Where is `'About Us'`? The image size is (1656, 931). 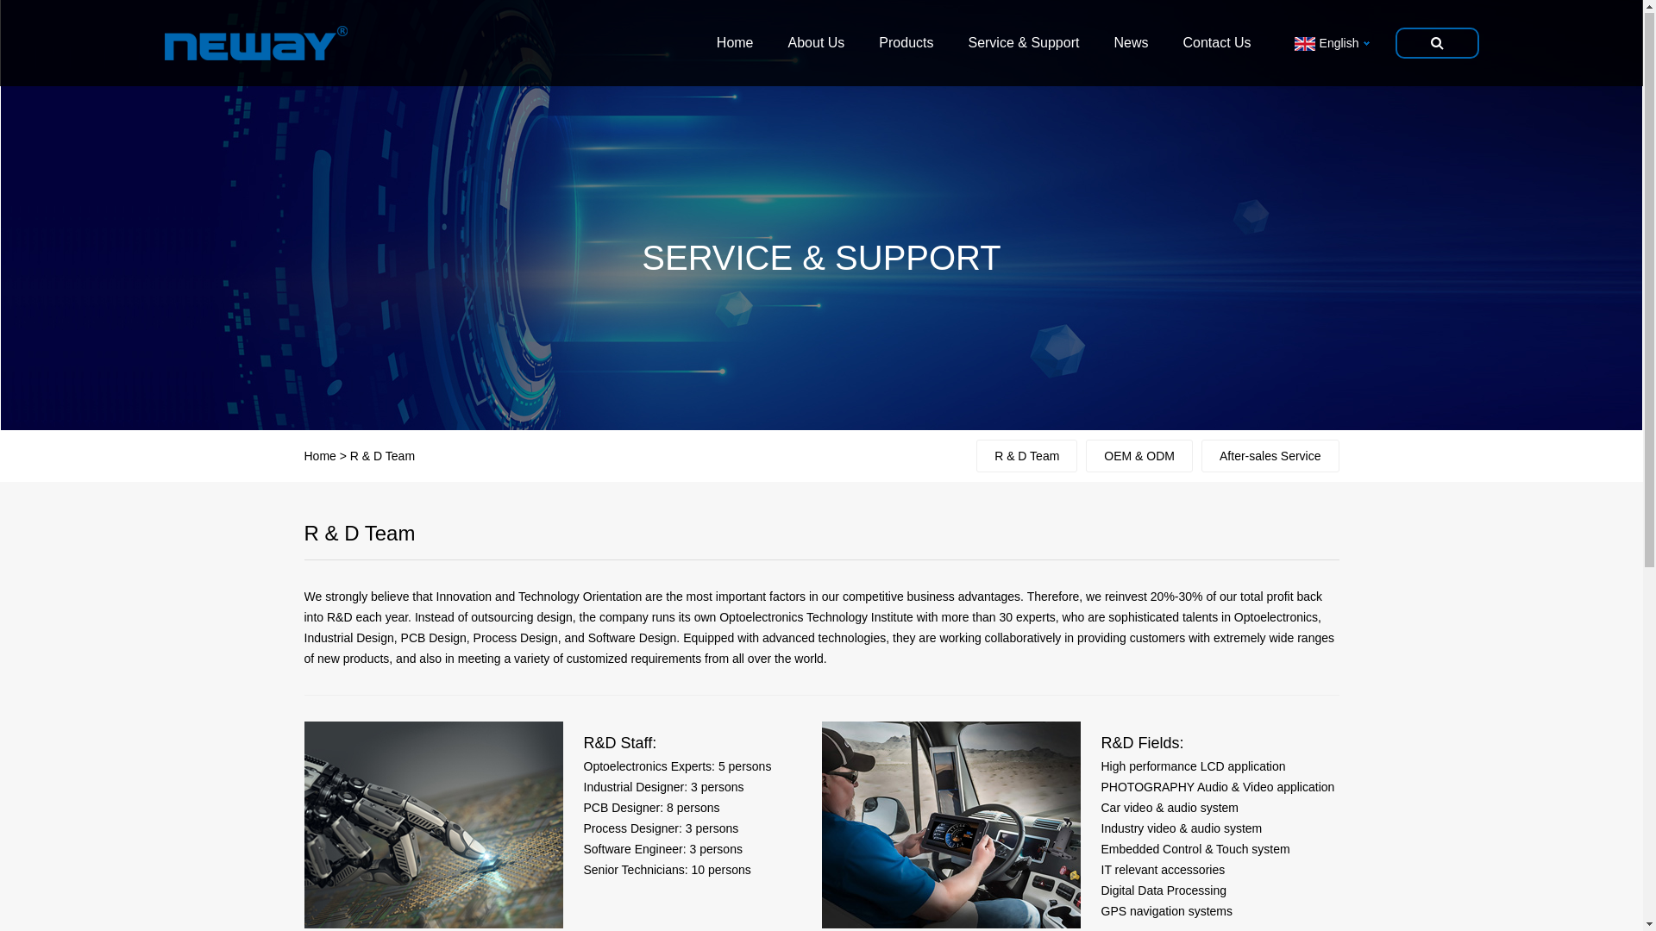 'About Us' is located at coordinates (769, 42).